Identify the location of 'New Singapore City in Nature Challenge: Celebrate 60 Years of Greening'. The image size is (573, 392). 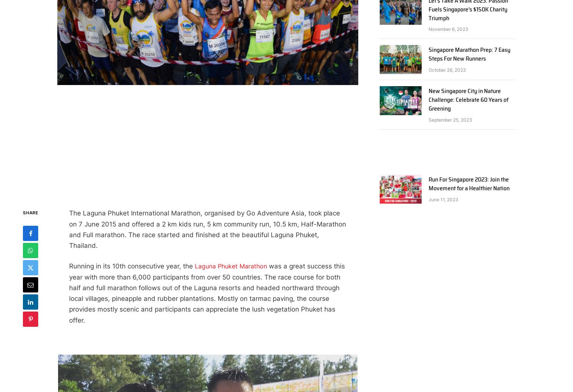
(468, 100).